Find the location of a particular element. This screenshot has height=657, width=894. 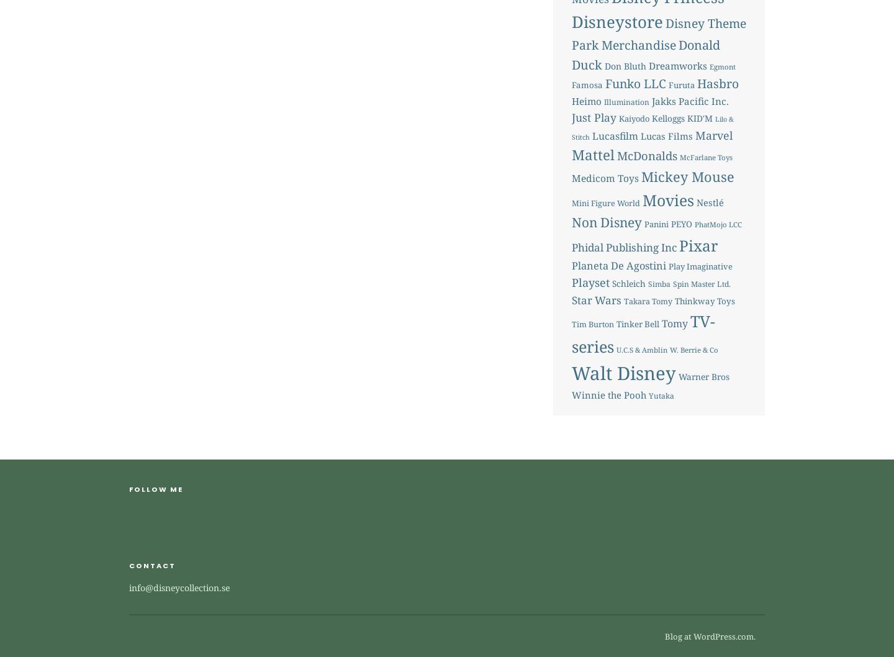

'Walt Disney' is located at coordinates (622, 372).